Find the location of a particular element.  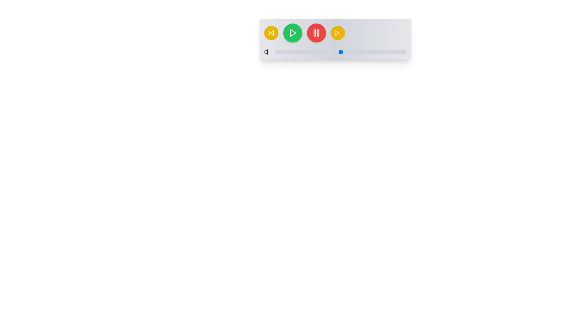

the fourth button from the left in the modern-styled button group for media control functions is located at coordinates (335, 33).